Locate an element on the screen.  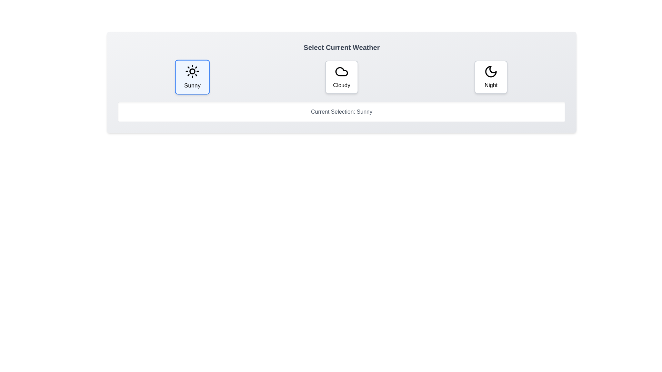
the Sunny button to observe its hover effect is located at coordinates (192, 77).